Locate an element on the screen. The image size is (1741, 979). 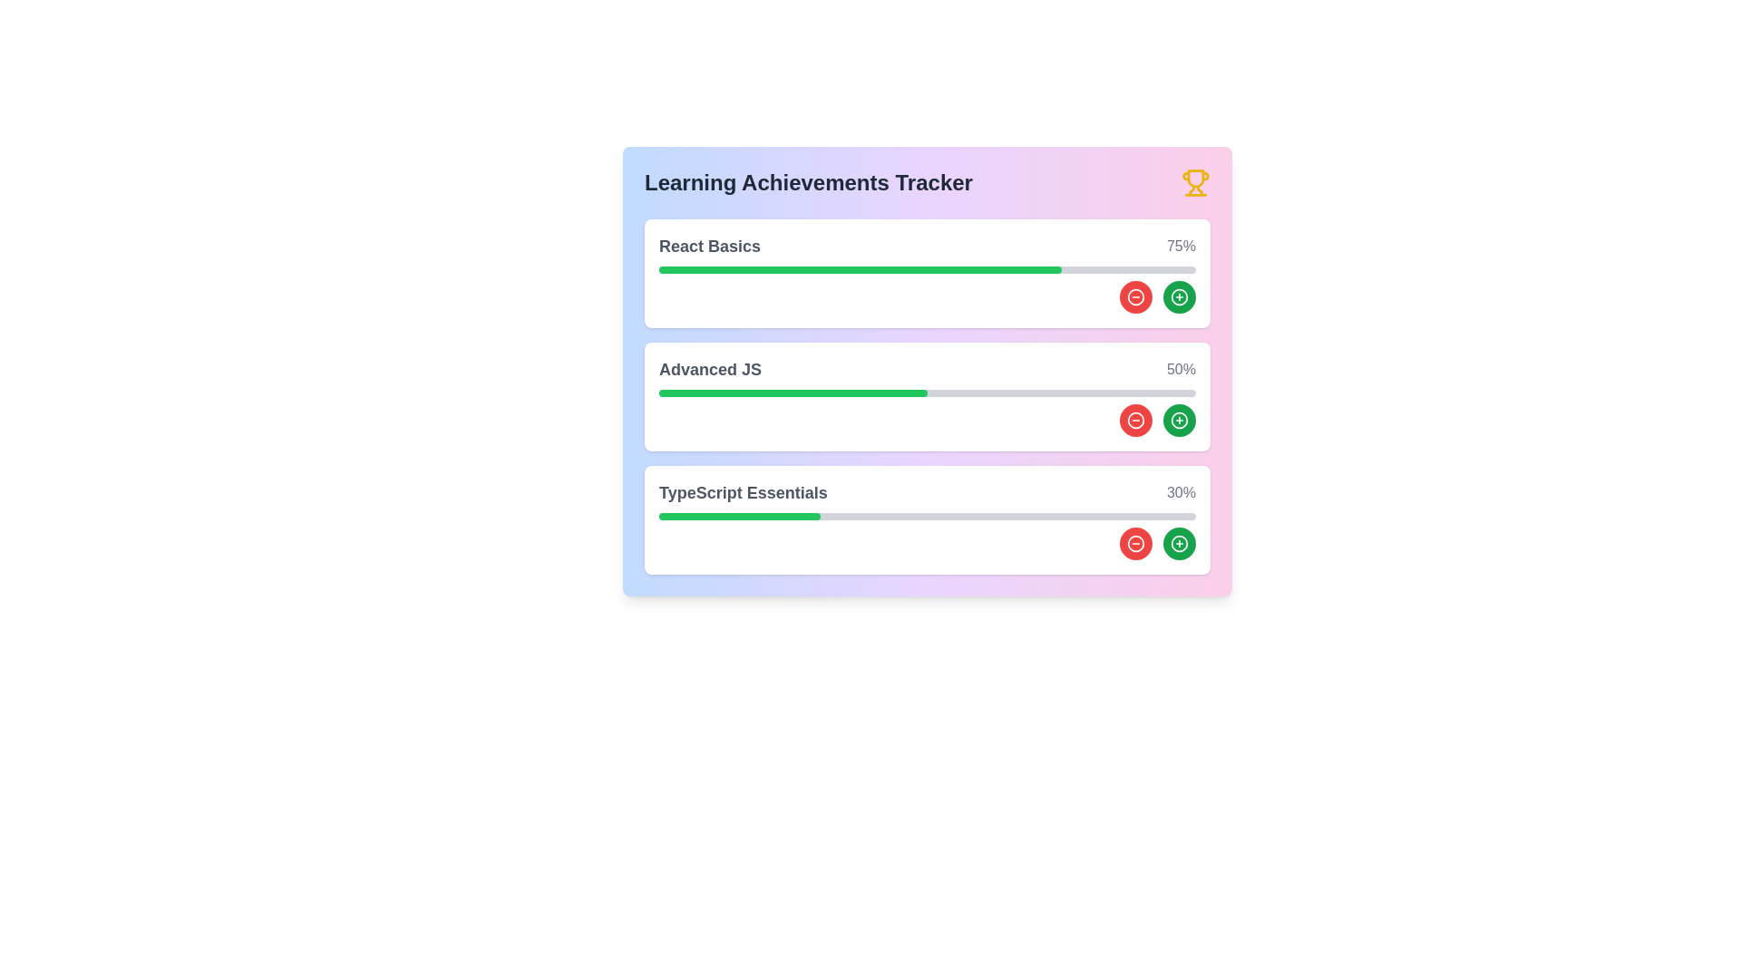
the circular green button with a plus sign icon, located to the right of the red circular button with a minus icon, at the end of the row associated with the 'TypeScript Essentials' progress bar is located at coordinates (1179, 543).